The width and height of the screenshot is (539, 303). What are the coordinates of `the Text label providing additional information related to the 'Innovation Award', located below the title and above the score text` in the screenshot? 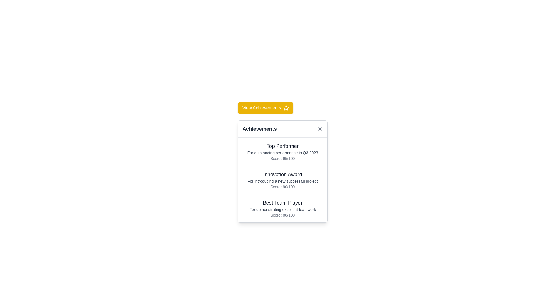 It's located at (282, 181).